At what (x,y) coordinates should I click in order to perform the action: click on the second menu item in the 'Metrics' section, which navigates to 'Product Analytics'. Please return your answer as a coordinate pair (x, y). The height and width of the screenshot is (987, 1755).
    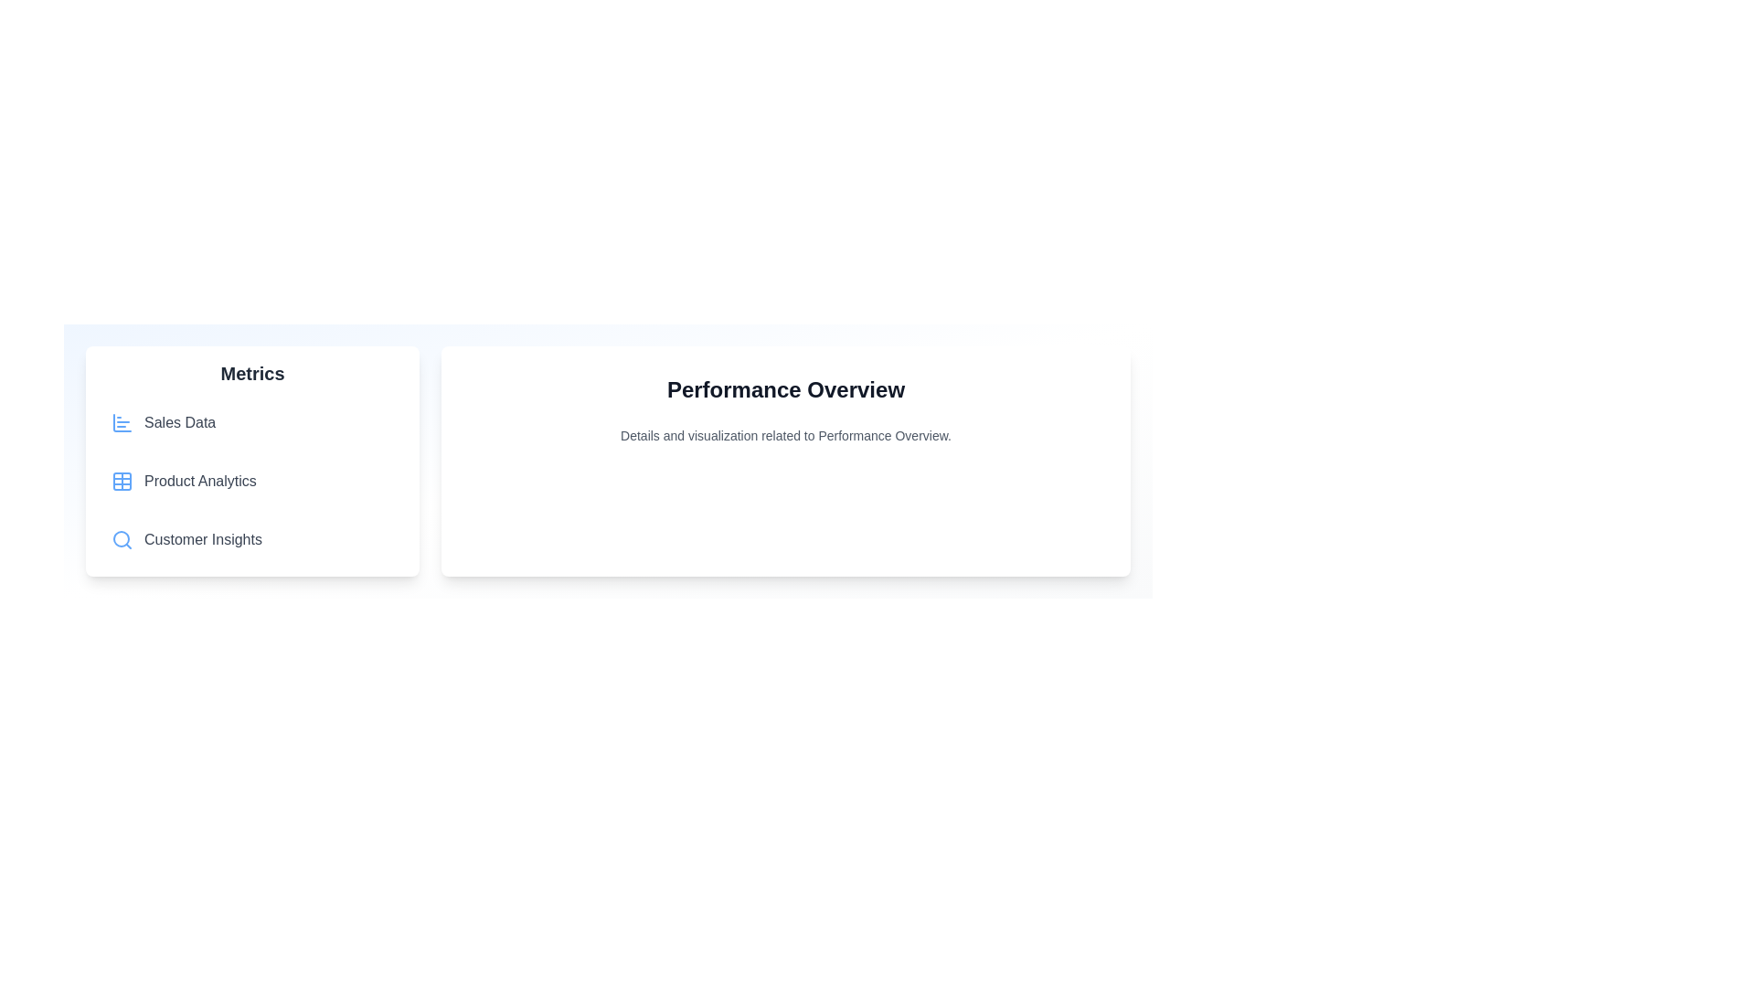
    Looking at the image, I should click on (251, 481).